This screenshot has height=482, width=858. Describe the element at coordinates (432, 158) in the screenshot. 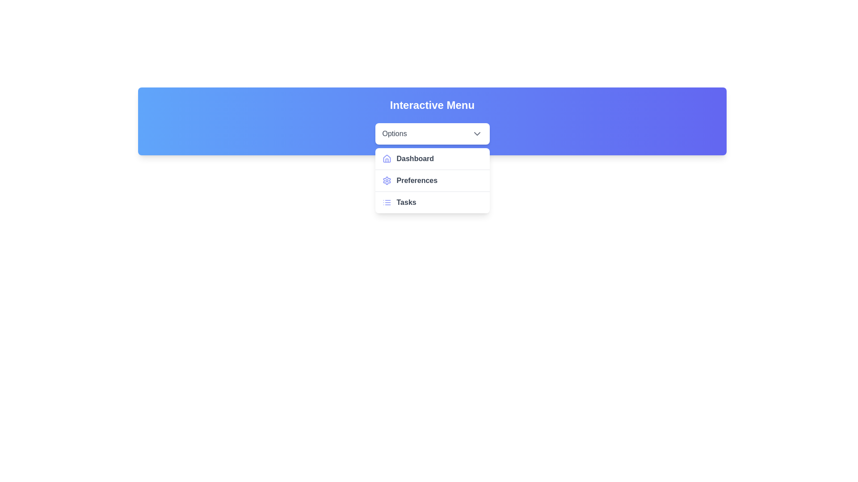

I see `the 'Dashboard' menu item, which is the first item under the 'Options' dropdown menu` at that location.